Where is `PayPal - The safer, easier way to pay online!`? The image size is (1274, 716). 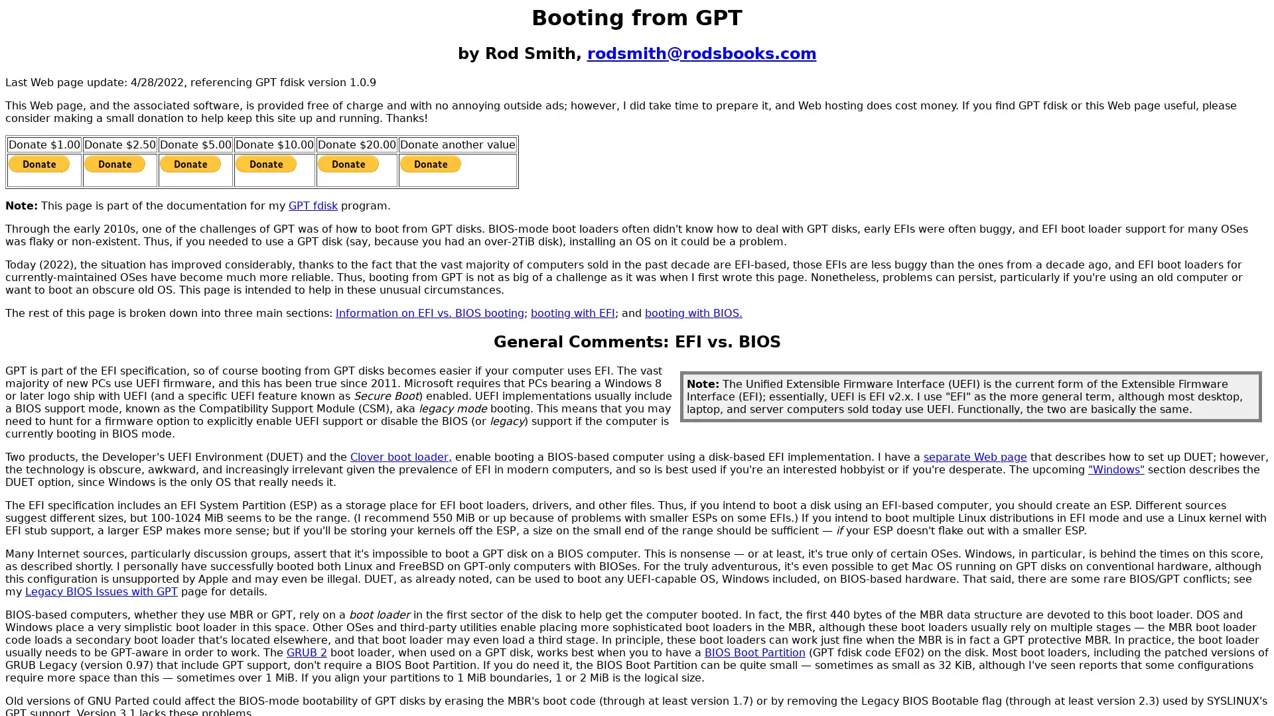
PayPal - The safer, easier way to pay online! is located at coordinates (114, 162).